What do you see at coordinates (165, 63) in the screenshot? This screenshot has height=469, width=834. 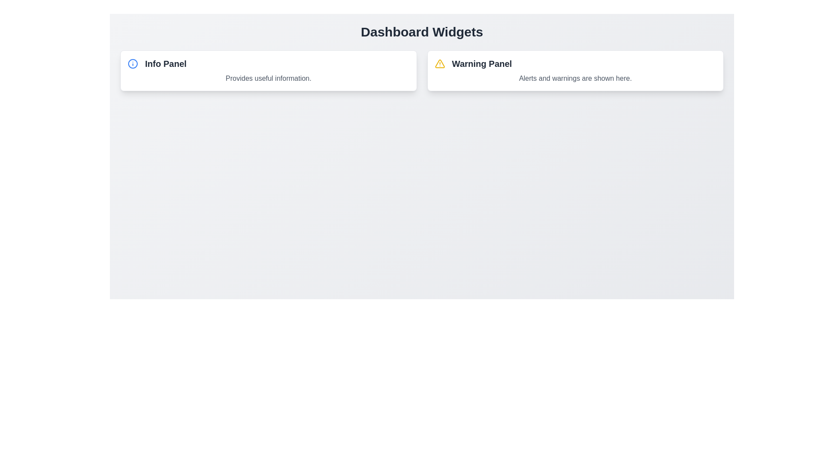 I see `the Text Label that serves as a heading within the upper left quadrant, located to the right of an info icon` at bounding box center [165, 63].